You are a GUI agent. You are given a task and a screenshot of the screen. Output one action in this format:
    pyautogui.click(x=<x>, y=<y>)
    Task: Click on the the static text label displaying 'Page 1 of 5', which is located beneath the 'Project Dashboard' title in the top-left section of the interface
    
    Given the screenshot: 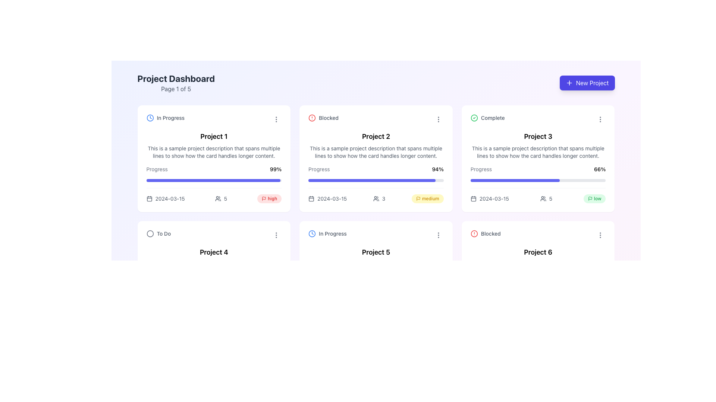 What is the action you would take?
    pyautogui.click(x=176, y=89)
    